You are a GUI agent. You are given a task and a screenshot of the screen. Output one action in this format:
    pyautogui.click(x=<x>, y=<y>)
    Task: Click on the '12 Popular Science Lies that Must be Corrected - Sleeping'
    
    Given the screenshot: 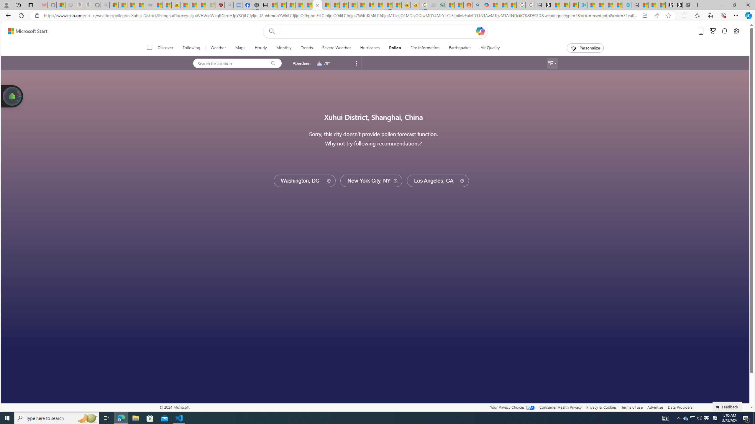 What is the action you would take?
    pyautogui.click(x=211, y=5)
    